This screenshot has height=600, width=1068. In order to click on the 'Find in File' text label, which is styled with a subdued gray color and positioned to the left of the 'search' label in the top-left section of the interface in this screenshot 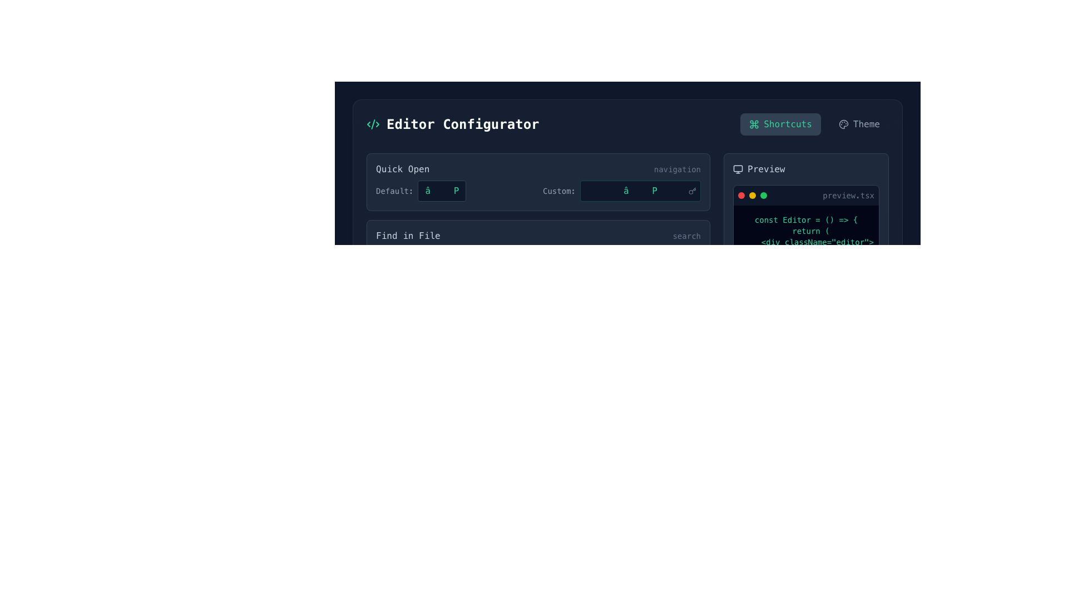, I will do `click(407, 235)`.